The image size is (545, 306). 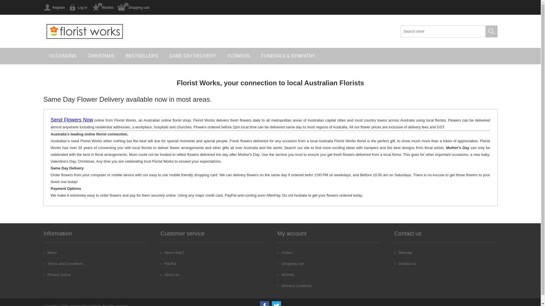 I want to click on 'Search', so click(x=485, y=31).